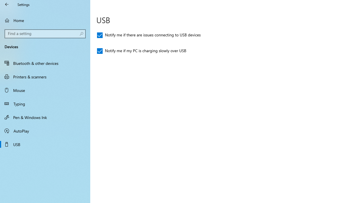 The image size is (361, 203). I want to click on 'Bluetooth & other devices', so click(45, 63).